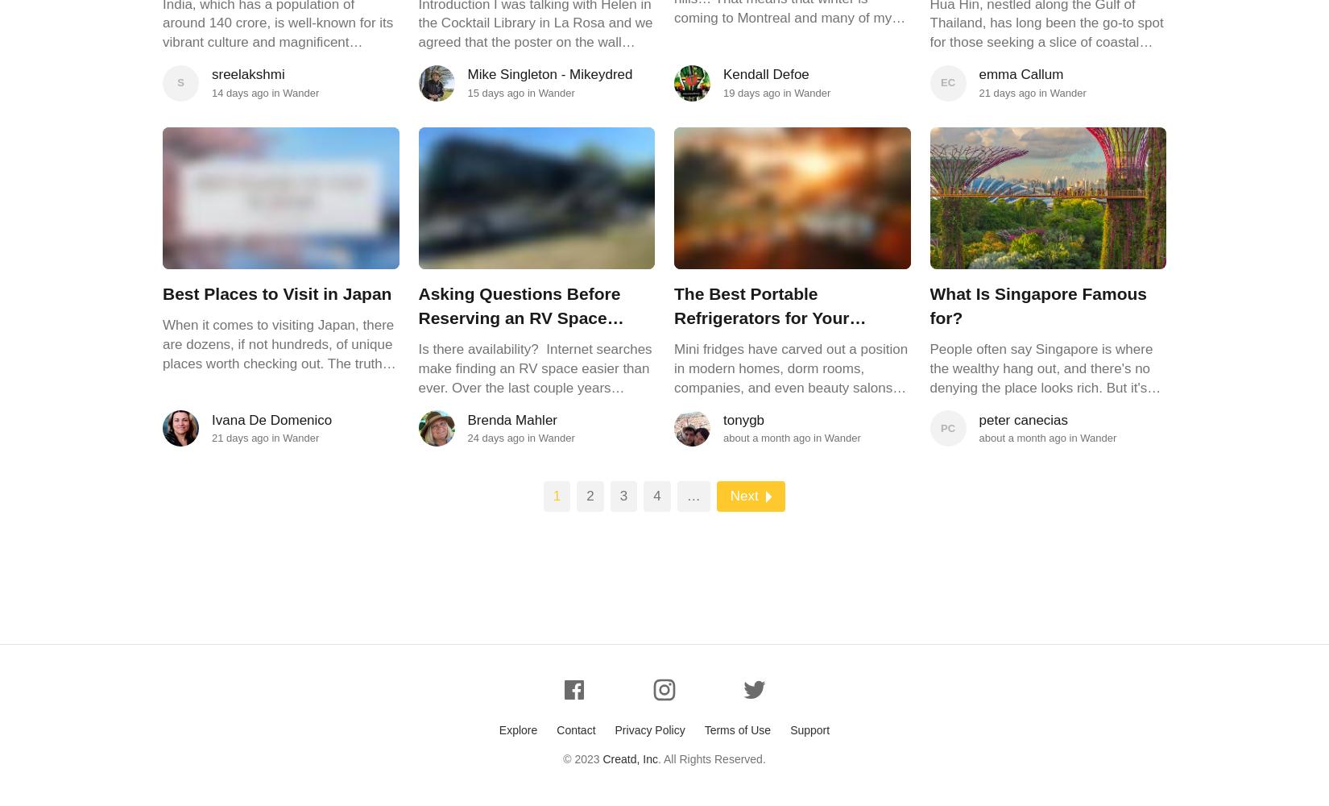 The image size is (1329, 806). I want to click on 'tonygb', so click(743, 419).